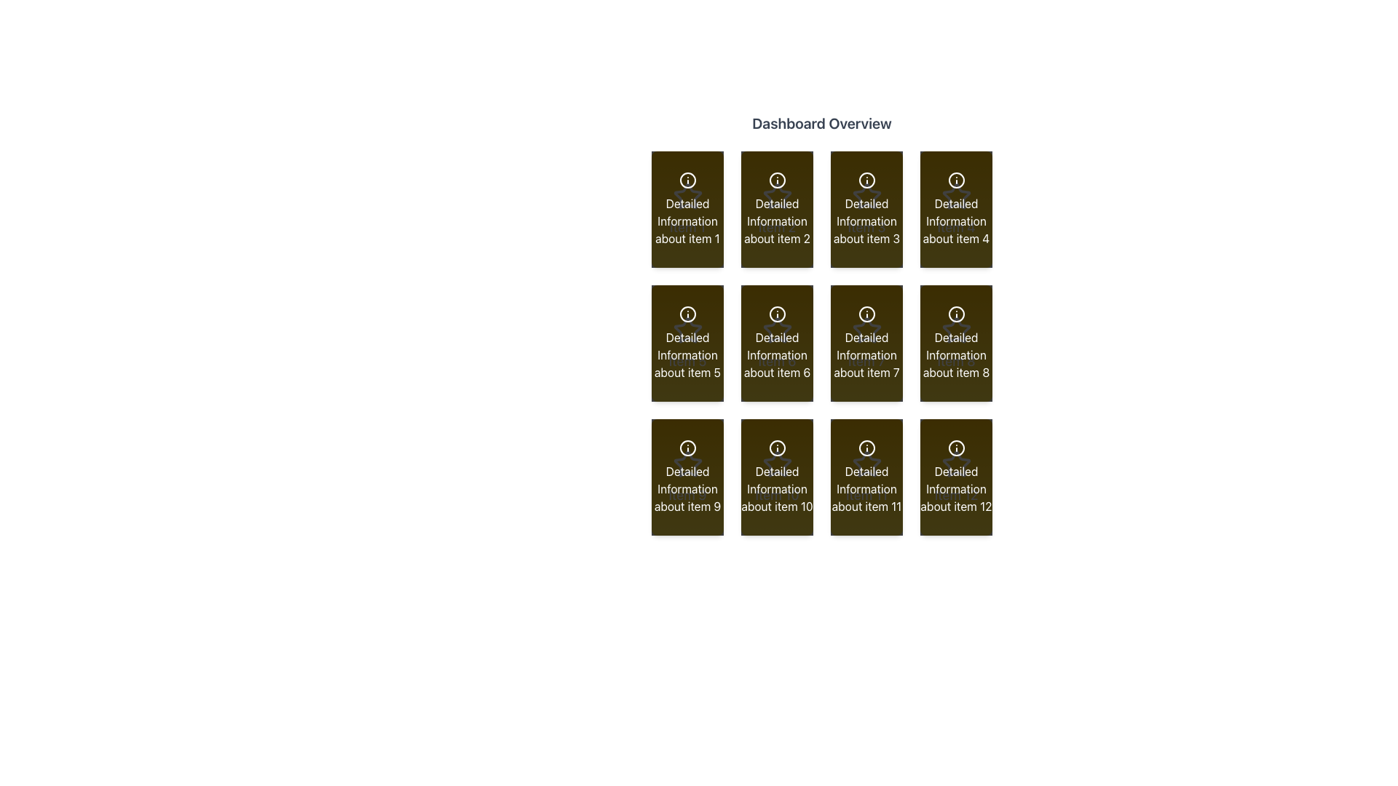 The image size is (1398, 786). I want to click on the static text label that serves as a title for the card containing 'Detailed Information about item 3', located in the third column of the first row, so click(866, 227).